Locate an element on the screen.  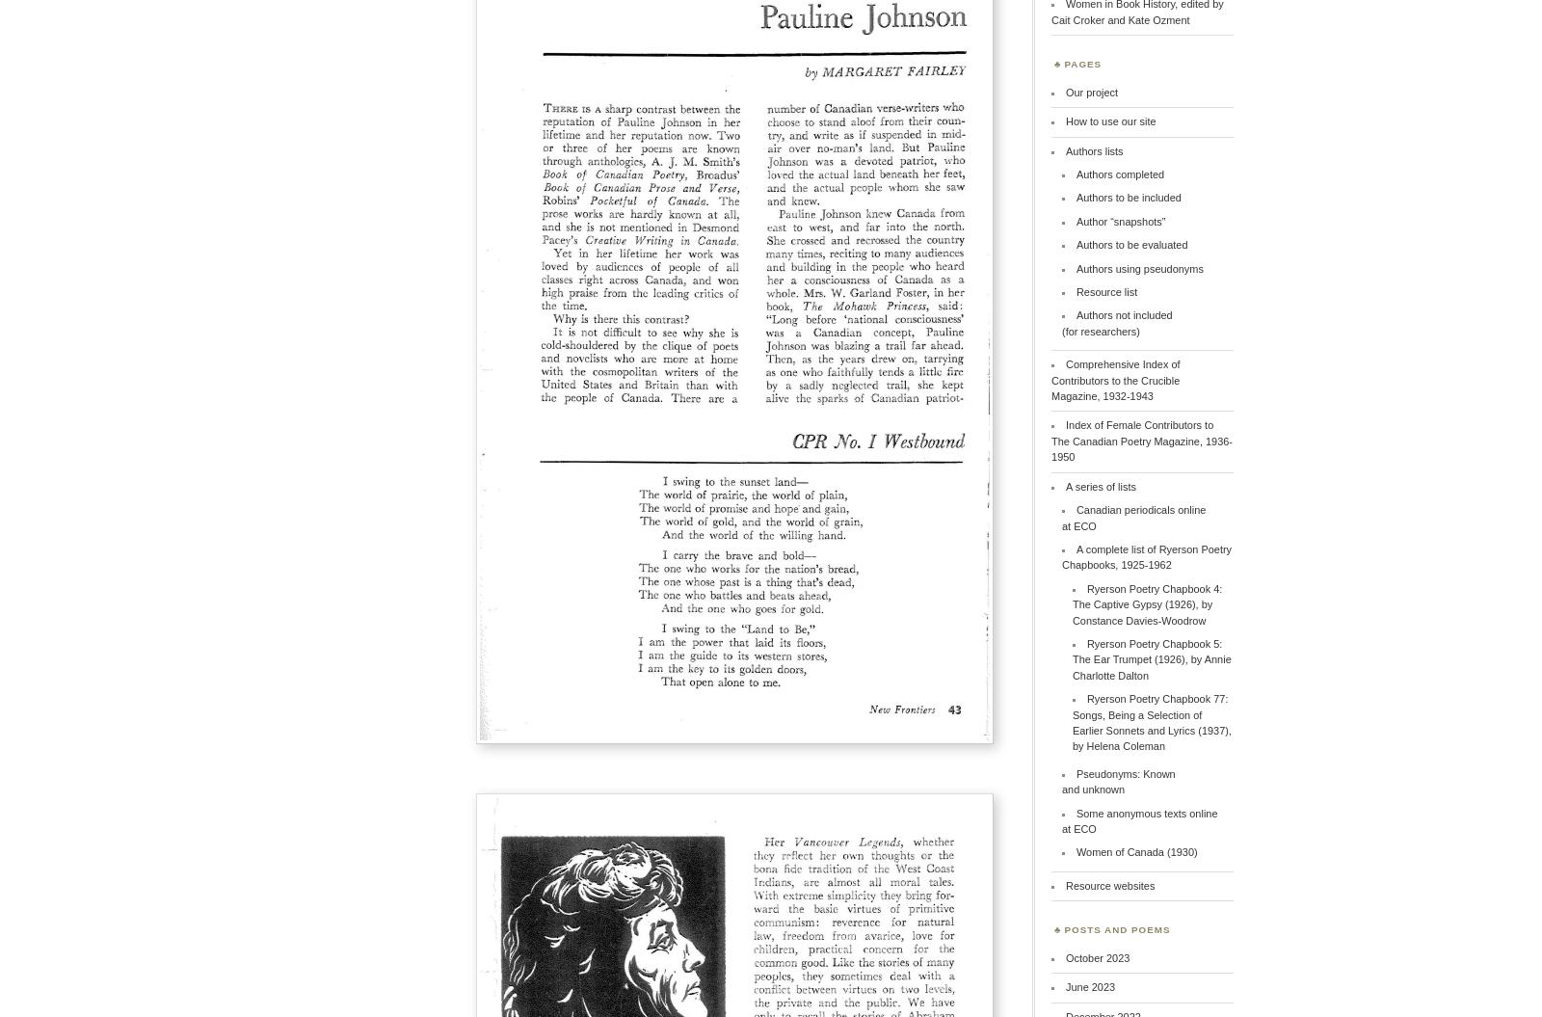
'June 2023' is located at coordinates (1090, 985).